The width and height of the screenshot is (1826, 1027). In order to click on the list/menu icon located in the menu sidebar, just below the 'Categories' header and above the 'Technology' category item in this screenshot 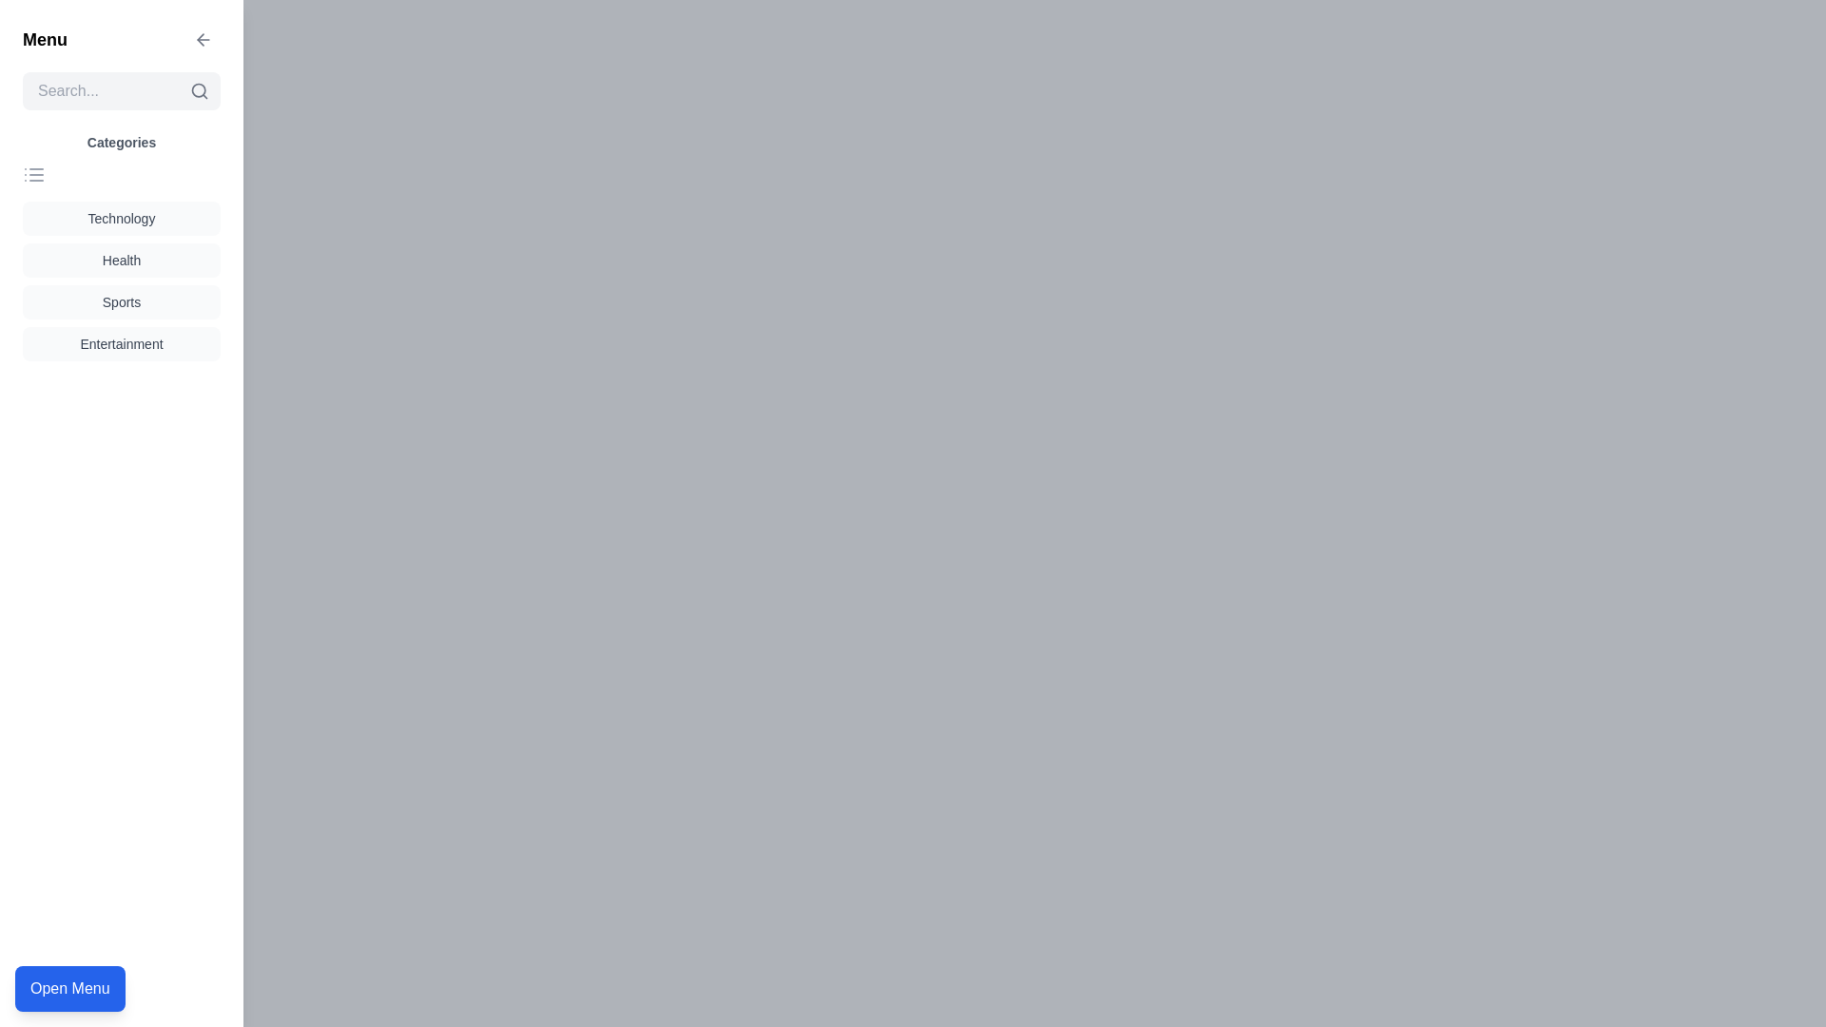, I will do `click(33, 175)`.